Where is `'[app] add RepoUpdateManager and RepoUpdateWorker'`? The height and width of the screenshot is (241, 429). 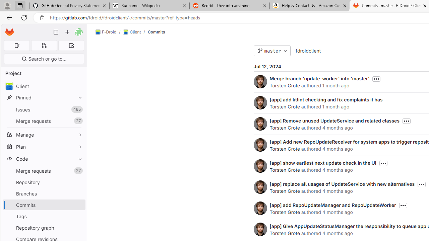 '[app] add RepoUpdateManager and RepoUpdateWorker' is located at coordinates (332, 205).